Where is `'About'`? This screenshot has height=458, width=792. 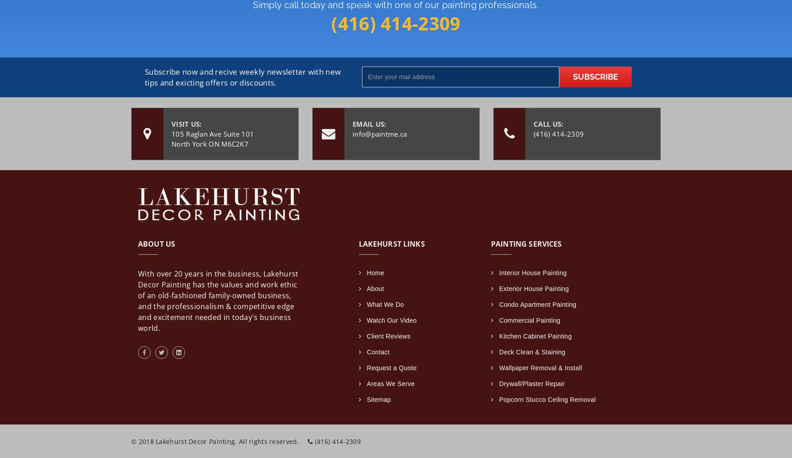
'About' is located at coordinates (375, 288).